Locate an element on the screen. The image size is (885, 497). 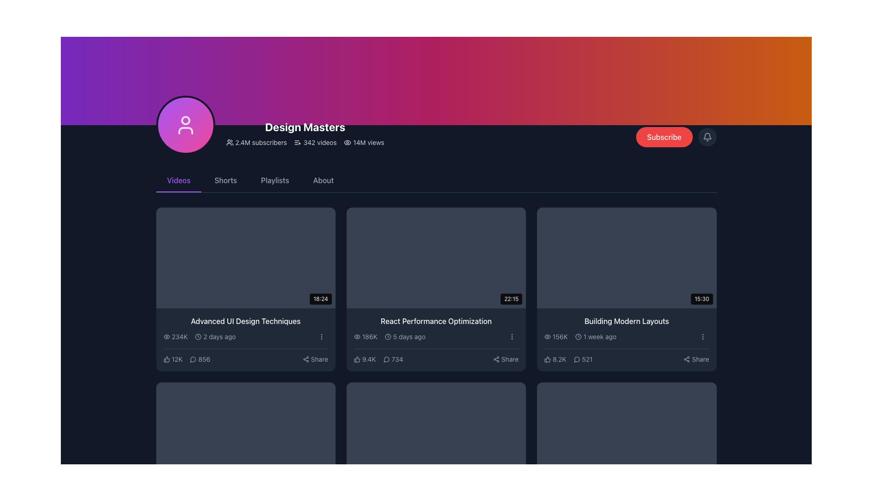
the 'Videos' button, which is styled in purple with a distinctive bottom border is located at coordinates (178, 181).